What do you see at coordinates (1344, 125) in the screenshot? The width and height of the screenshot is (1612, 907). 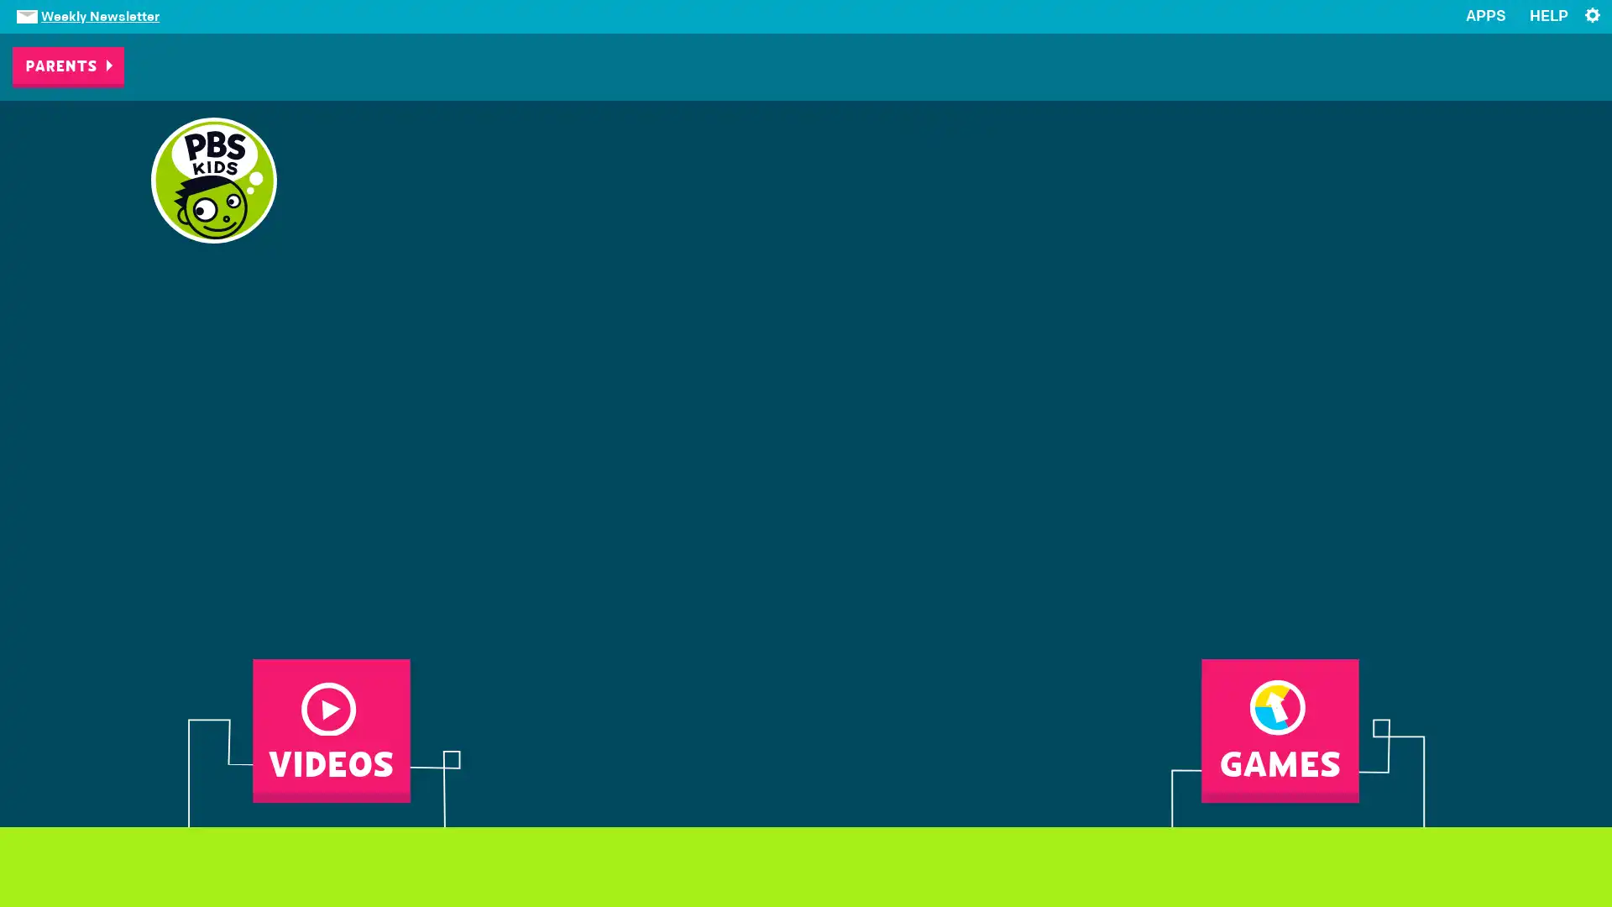 I see `CHANGE YOUR STATION` at bounding box center [1344, 125].